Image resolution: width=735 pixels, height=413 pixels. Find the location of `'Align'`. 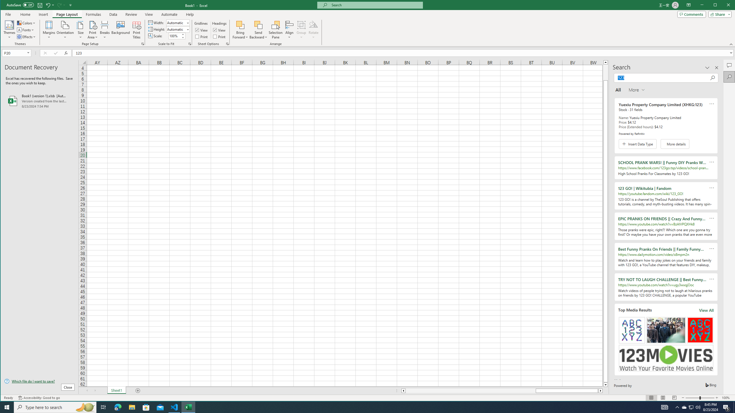

'Align' is located at coordinates (289, 30).